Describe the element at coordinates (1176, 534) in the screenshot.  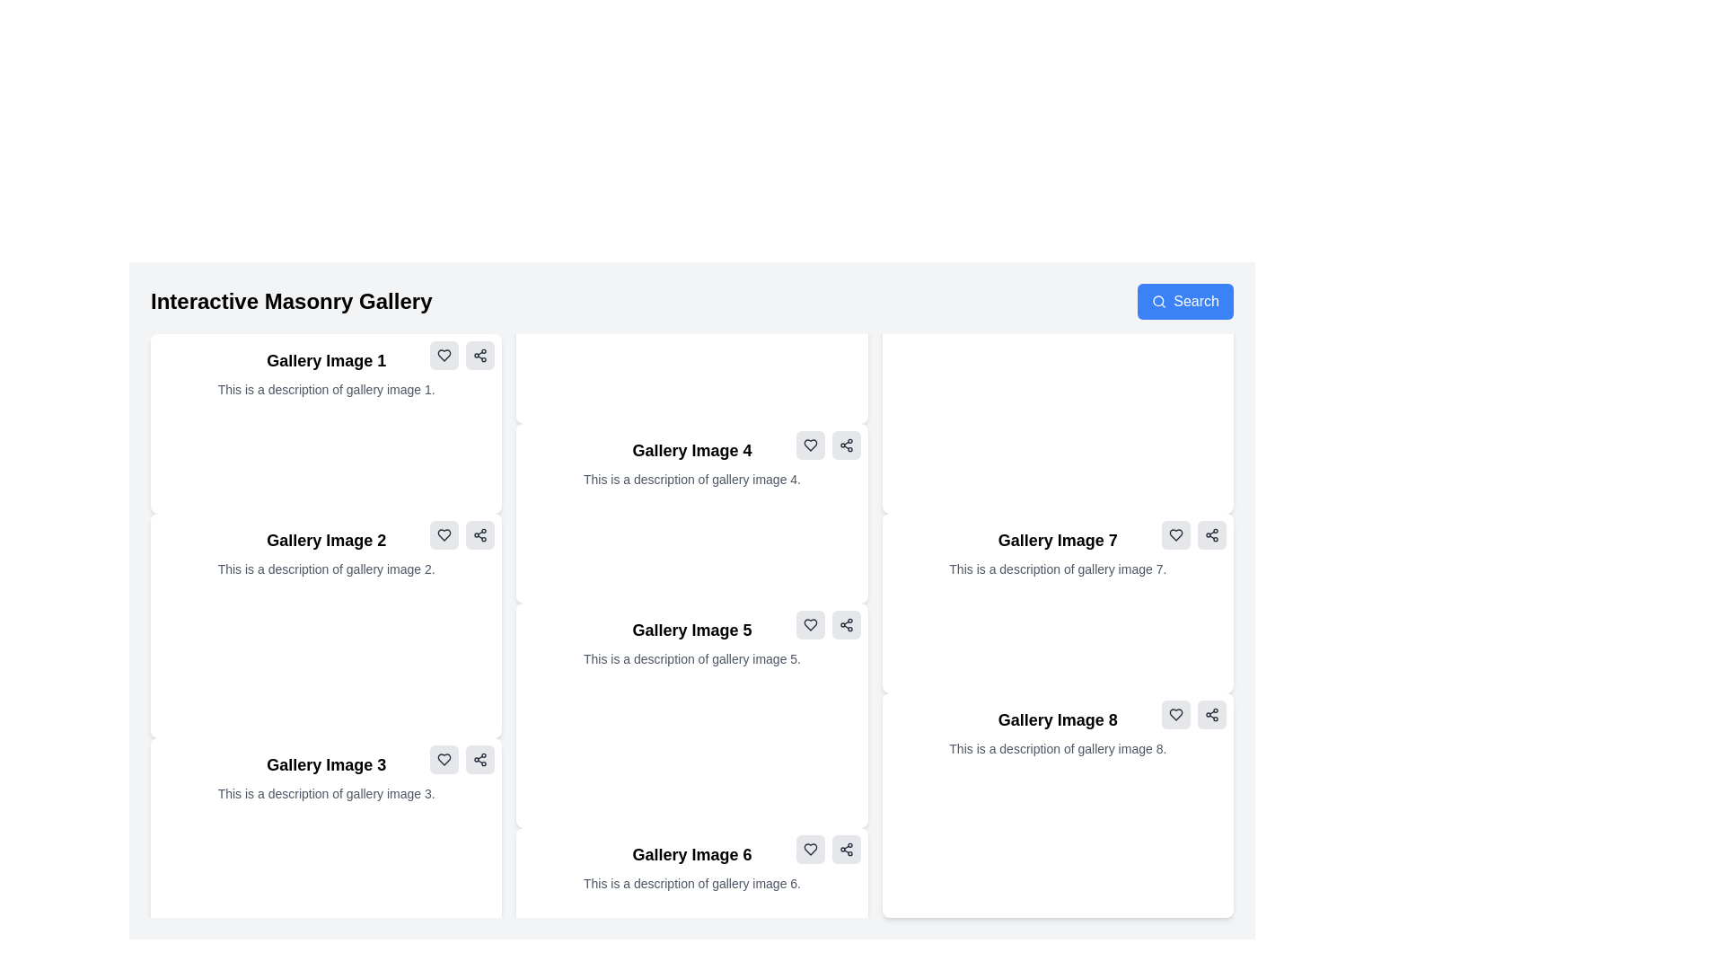
I see `the favorite button located in the top-right corner of the 'Gallery Image 7' card` at that location.